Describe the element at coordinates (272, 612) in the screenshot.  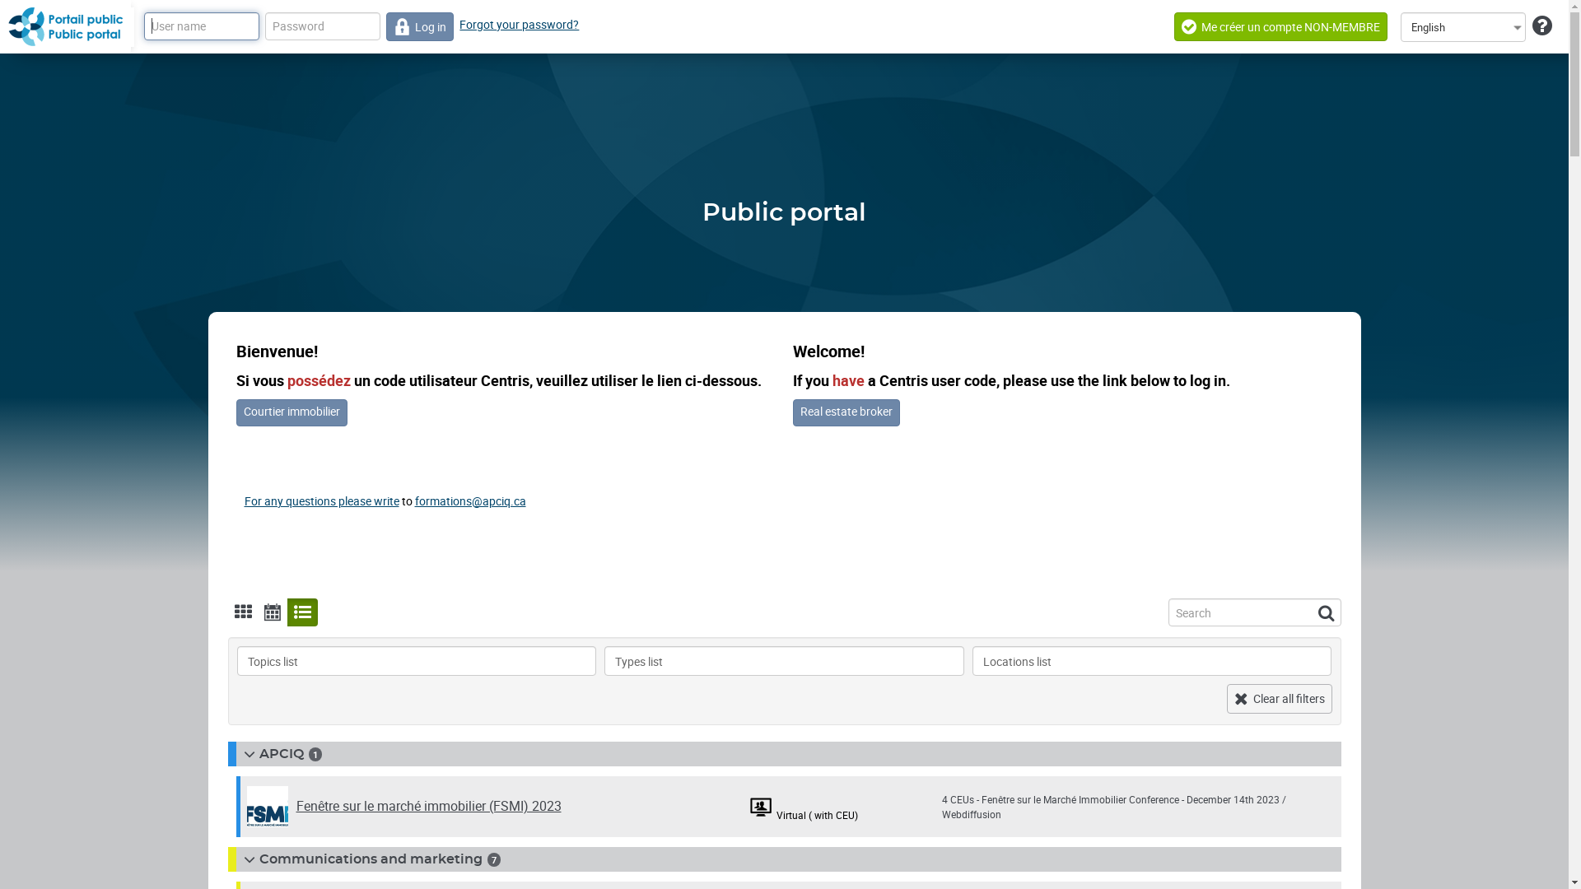
I see `'Display calendar'` at that location.